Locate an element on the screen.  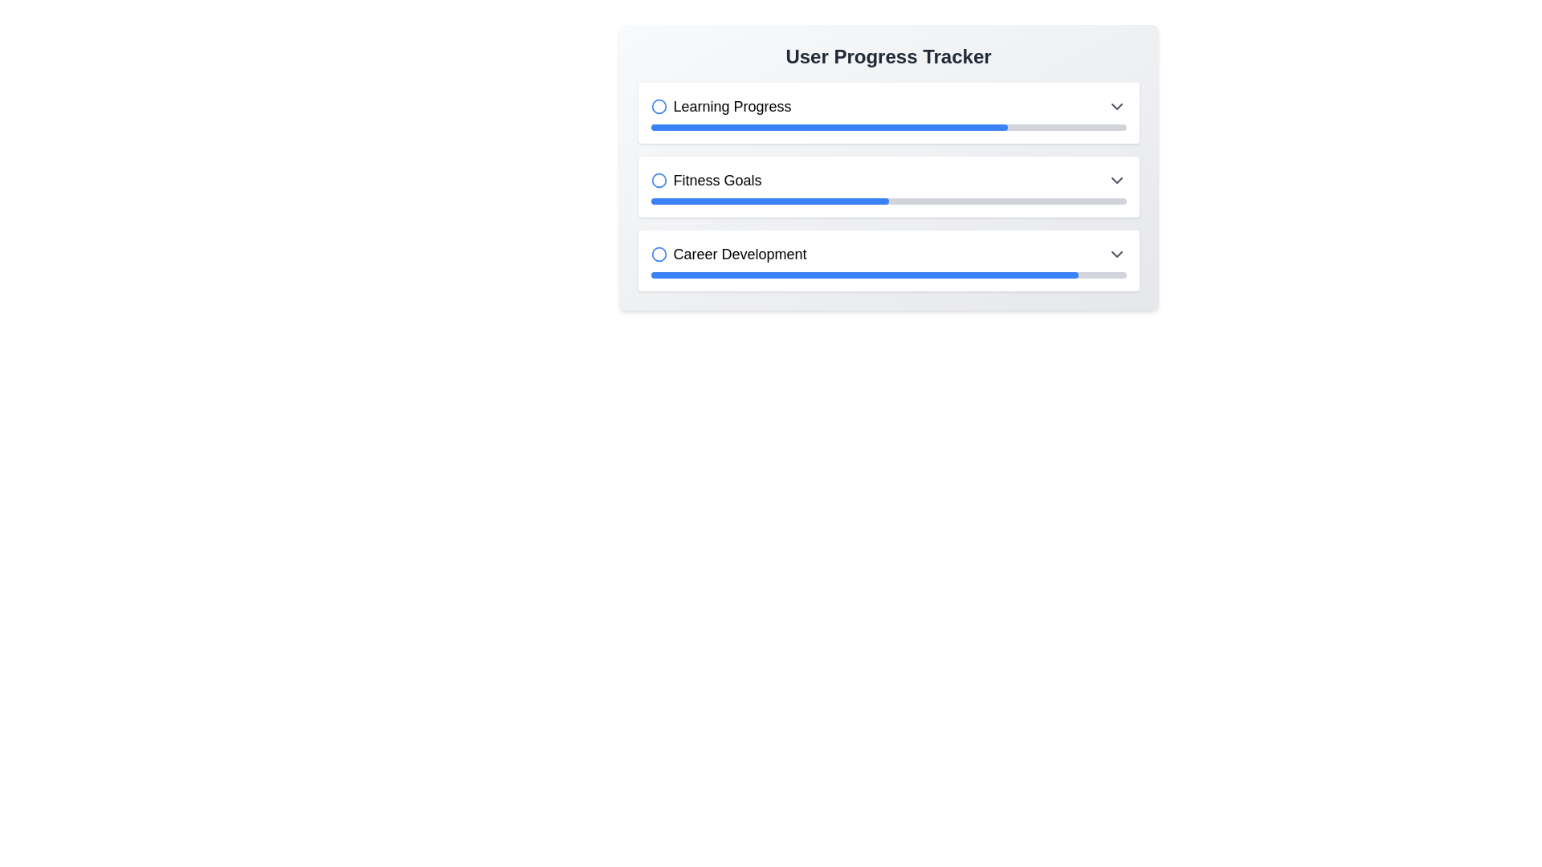
the progress bar representing 'Fitness Goals' which visually indicates percentage completion with a filled blue section is located at coordinates (887, 200).